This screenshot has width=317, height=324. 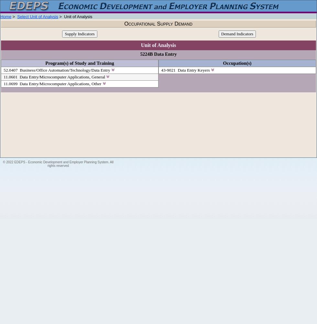 I want to click on '>', so click(x=11, y=17).